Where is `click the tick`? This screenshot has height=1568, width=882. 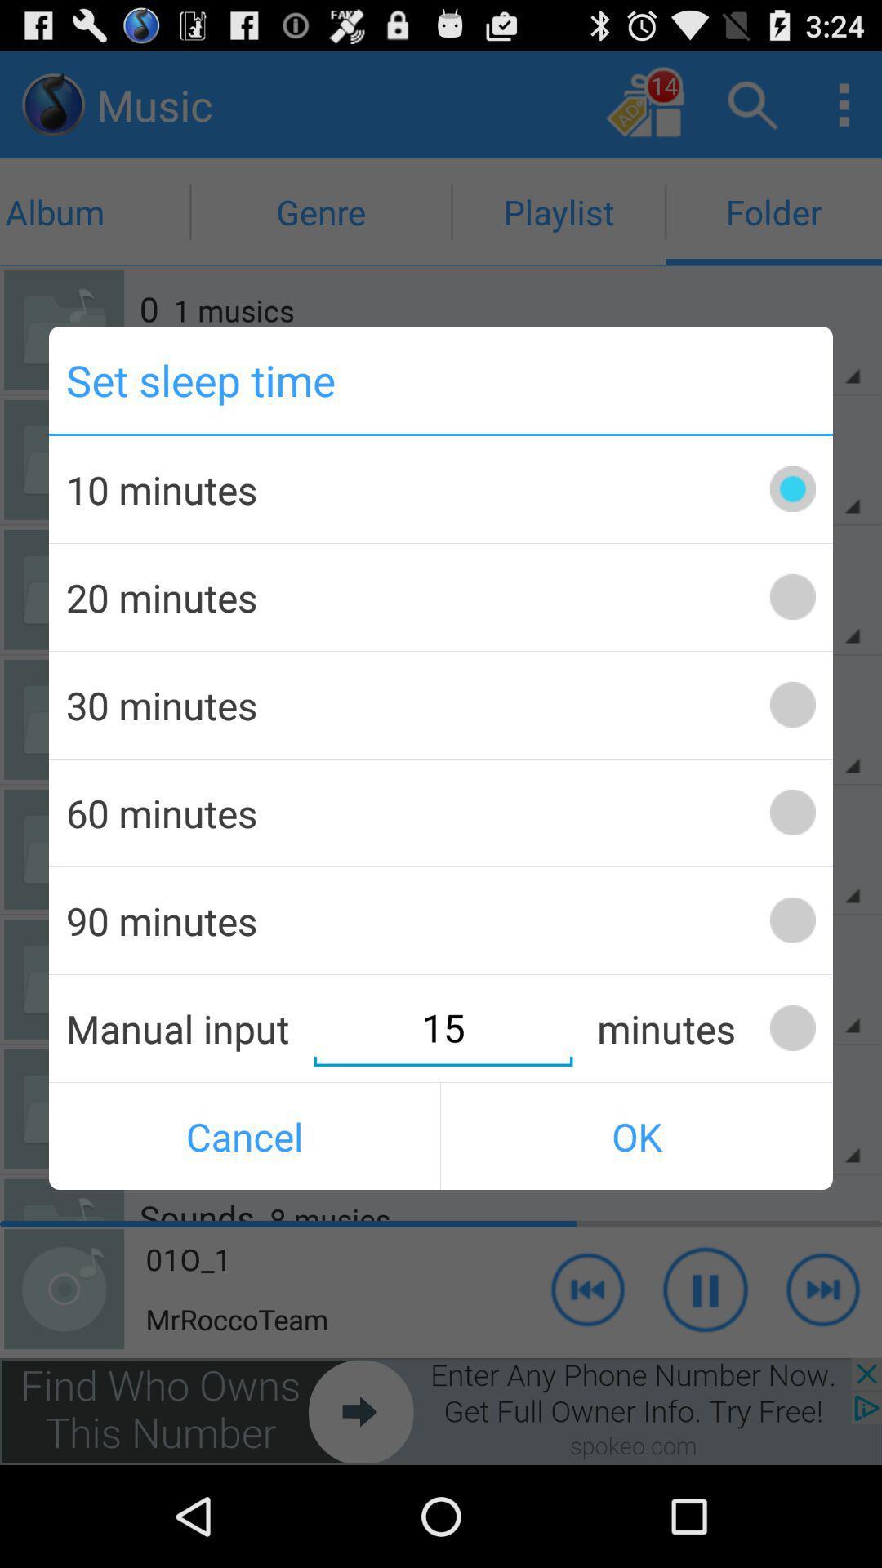 click the tick is located at coordinates (791, 1027).